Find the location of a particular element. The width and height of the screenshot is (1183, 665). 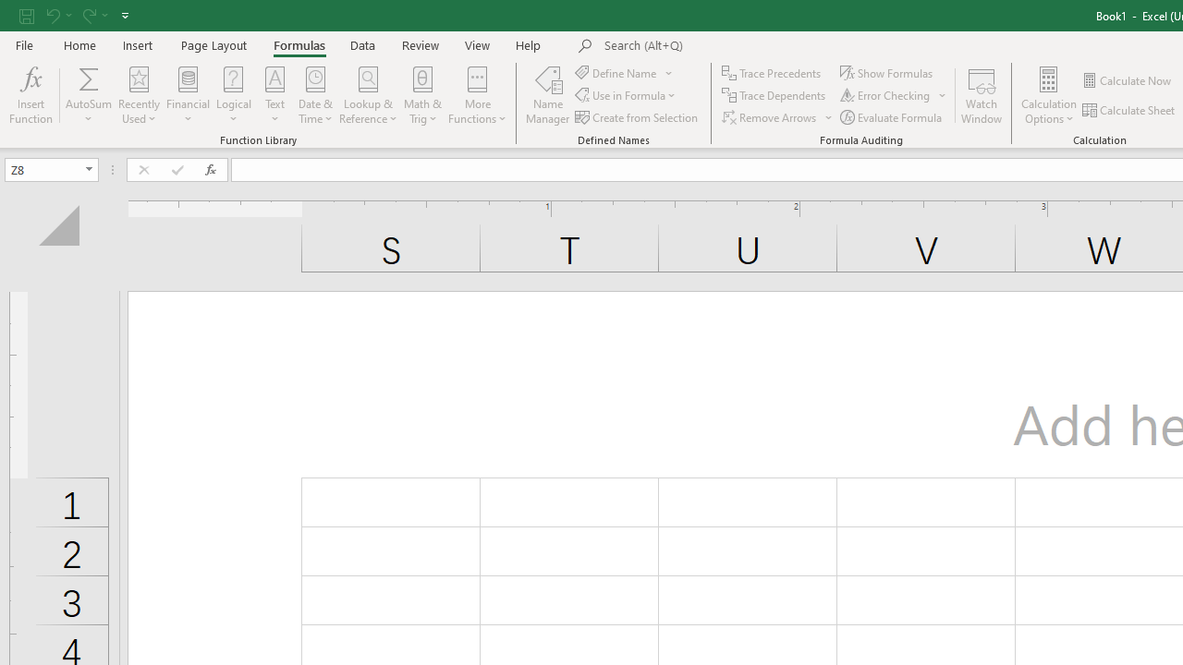

'Calculate Now' is located at coordinates (1127, 79).